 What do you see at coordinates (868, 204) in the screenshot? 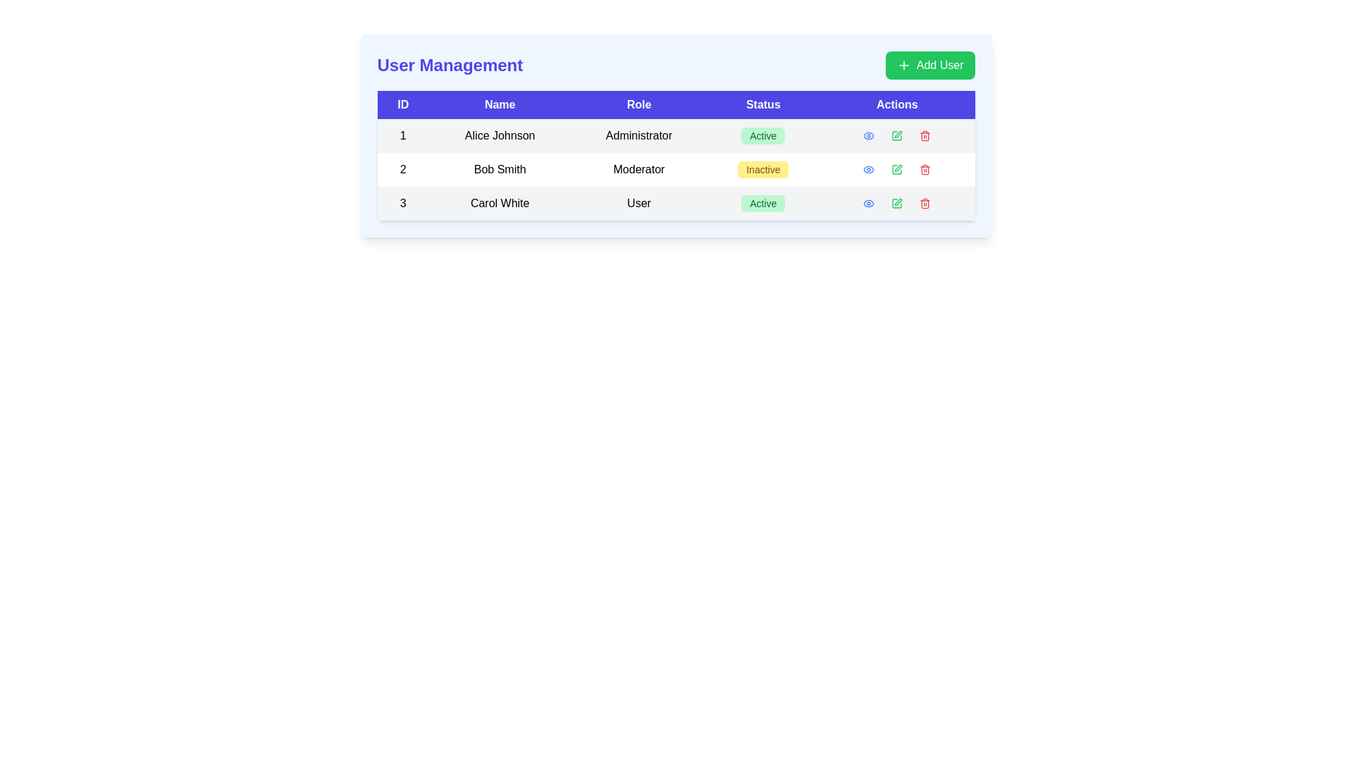
I see `the blue eye icon in the Actions column of the last row of the table, corresponding to Carol White` at bounding box center [868, 204].